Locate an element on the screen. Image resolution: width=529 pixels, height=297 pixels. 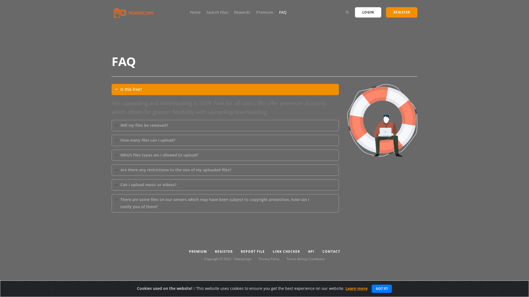
'LOGIN' is located at coordinates (368, 12).